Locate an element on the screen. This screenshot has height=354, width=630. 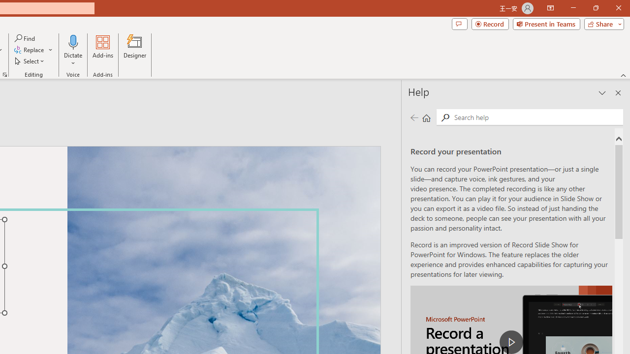
'Dictate' is located at coordinates (73, 51).